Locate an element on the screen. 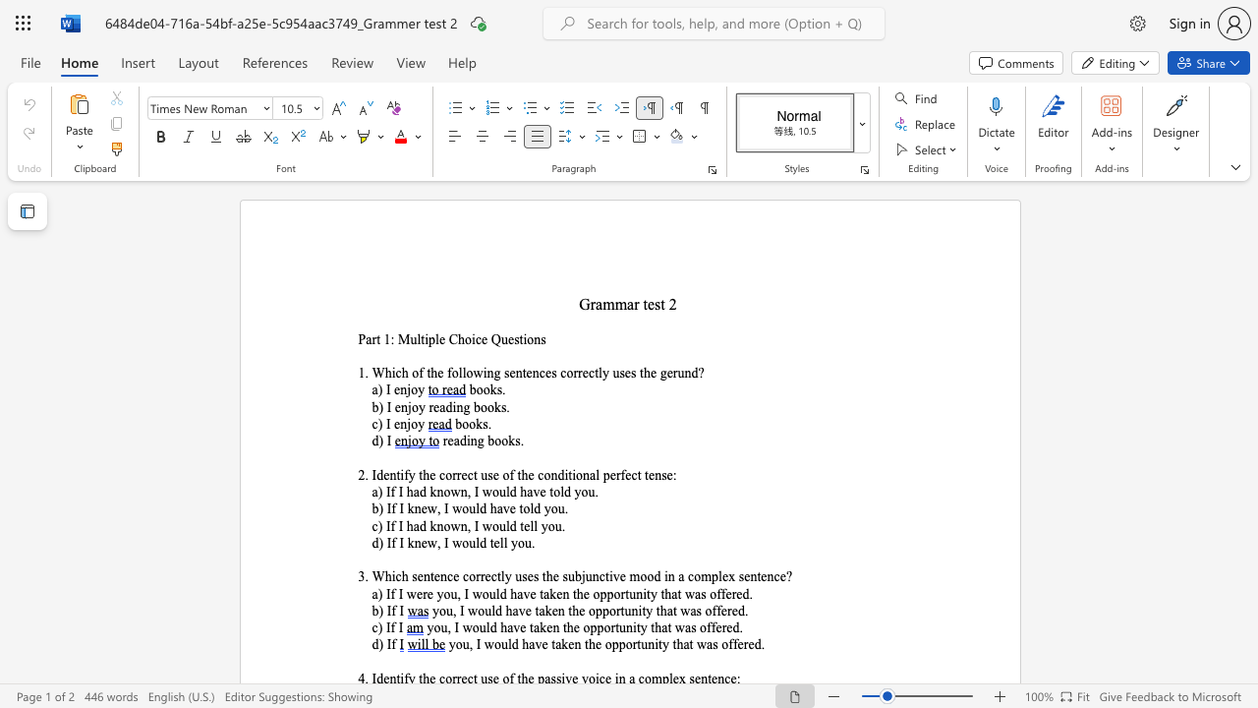 Image resolution: width=1258 pixels, height=708 pixels. the space between the continuous character "I" and "f" in the text is located at coordinates (390, 627).